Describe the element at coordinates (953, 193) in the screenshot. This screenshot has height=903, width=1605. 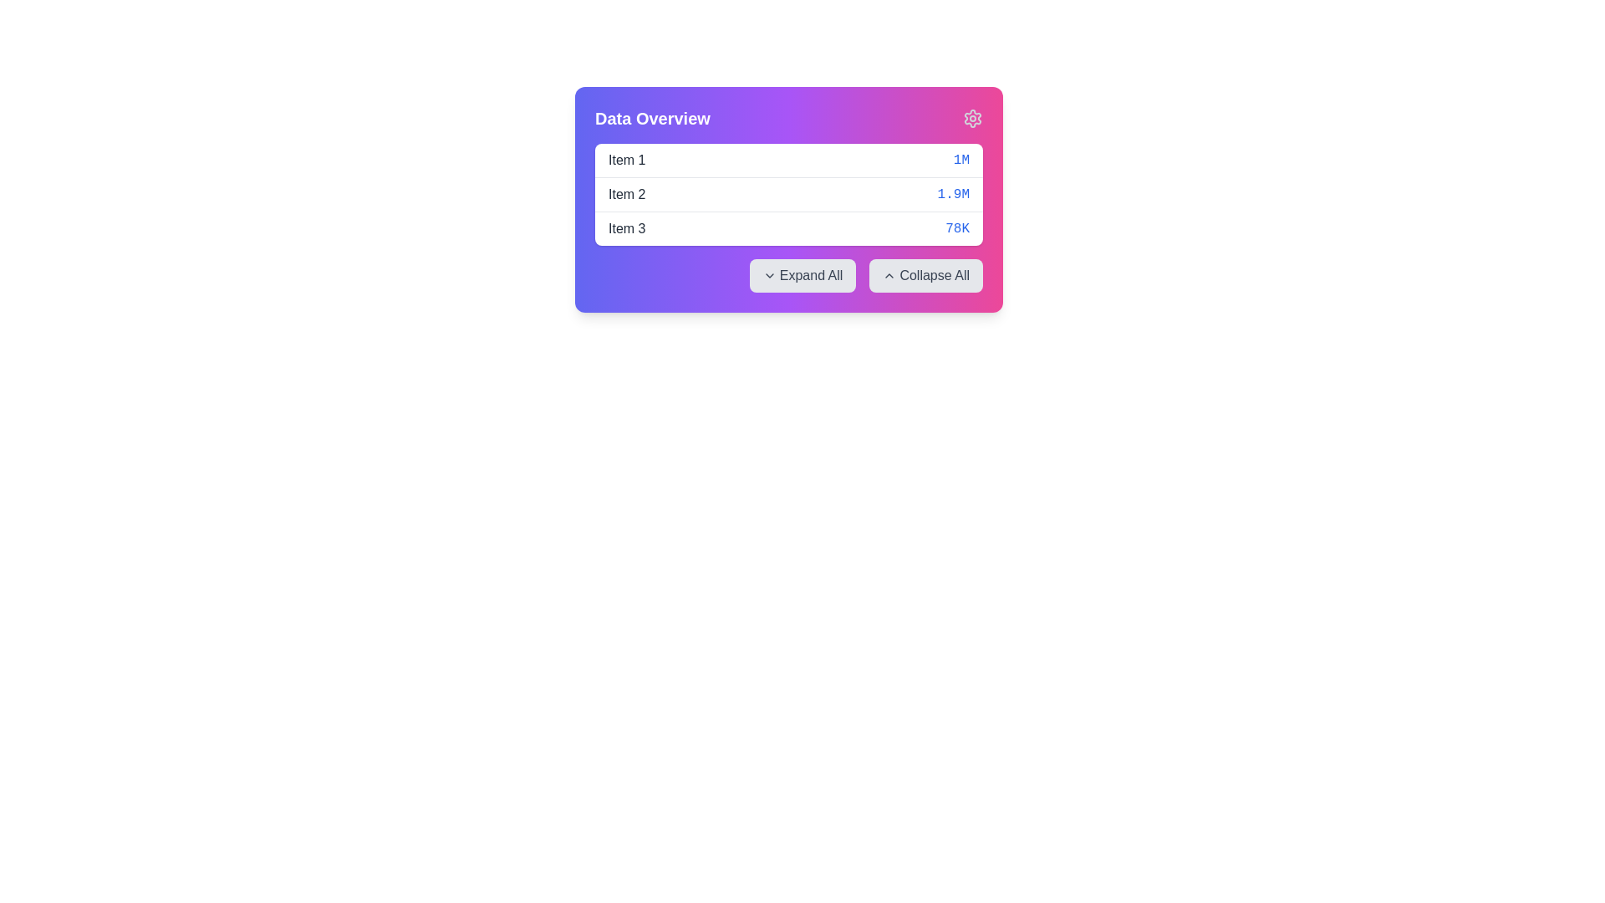
I see `the value of the text label styled in blue font with the content '1.9M', located on the right-hand side of the listing entry for 'Item 2'` at that location.